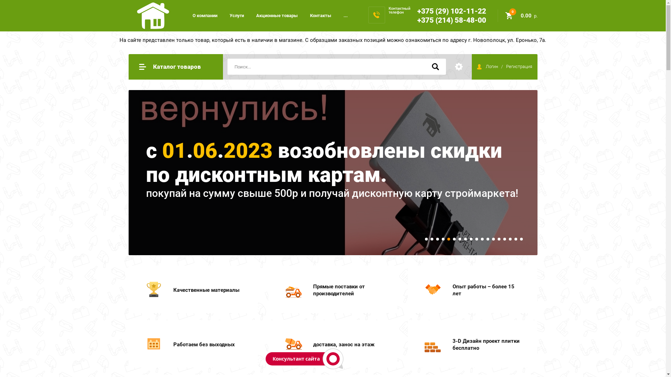 This screenshot has width=671, height=377. Describe the element at coordinates (499, 239) in the screenshot. I see `'14'` at that location.